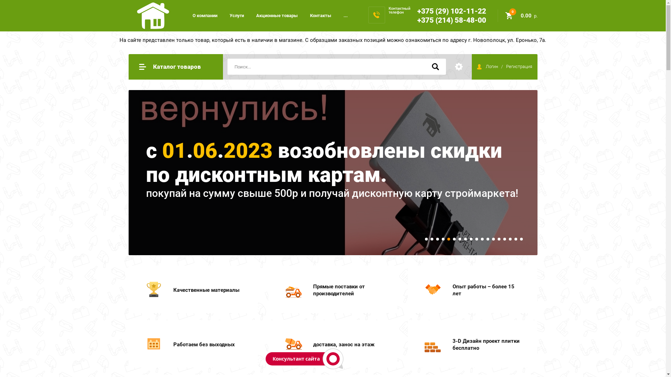 This screenshot has width=671, height=377. Describe the element at coordinates (499, 239) in the screenshot. I see `'14'` at that location.